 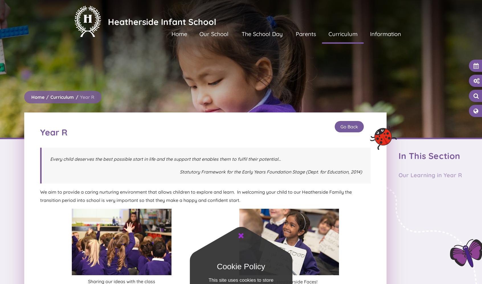 I want to click on 'Our Learning in Year R', so click(x=430, y=175).